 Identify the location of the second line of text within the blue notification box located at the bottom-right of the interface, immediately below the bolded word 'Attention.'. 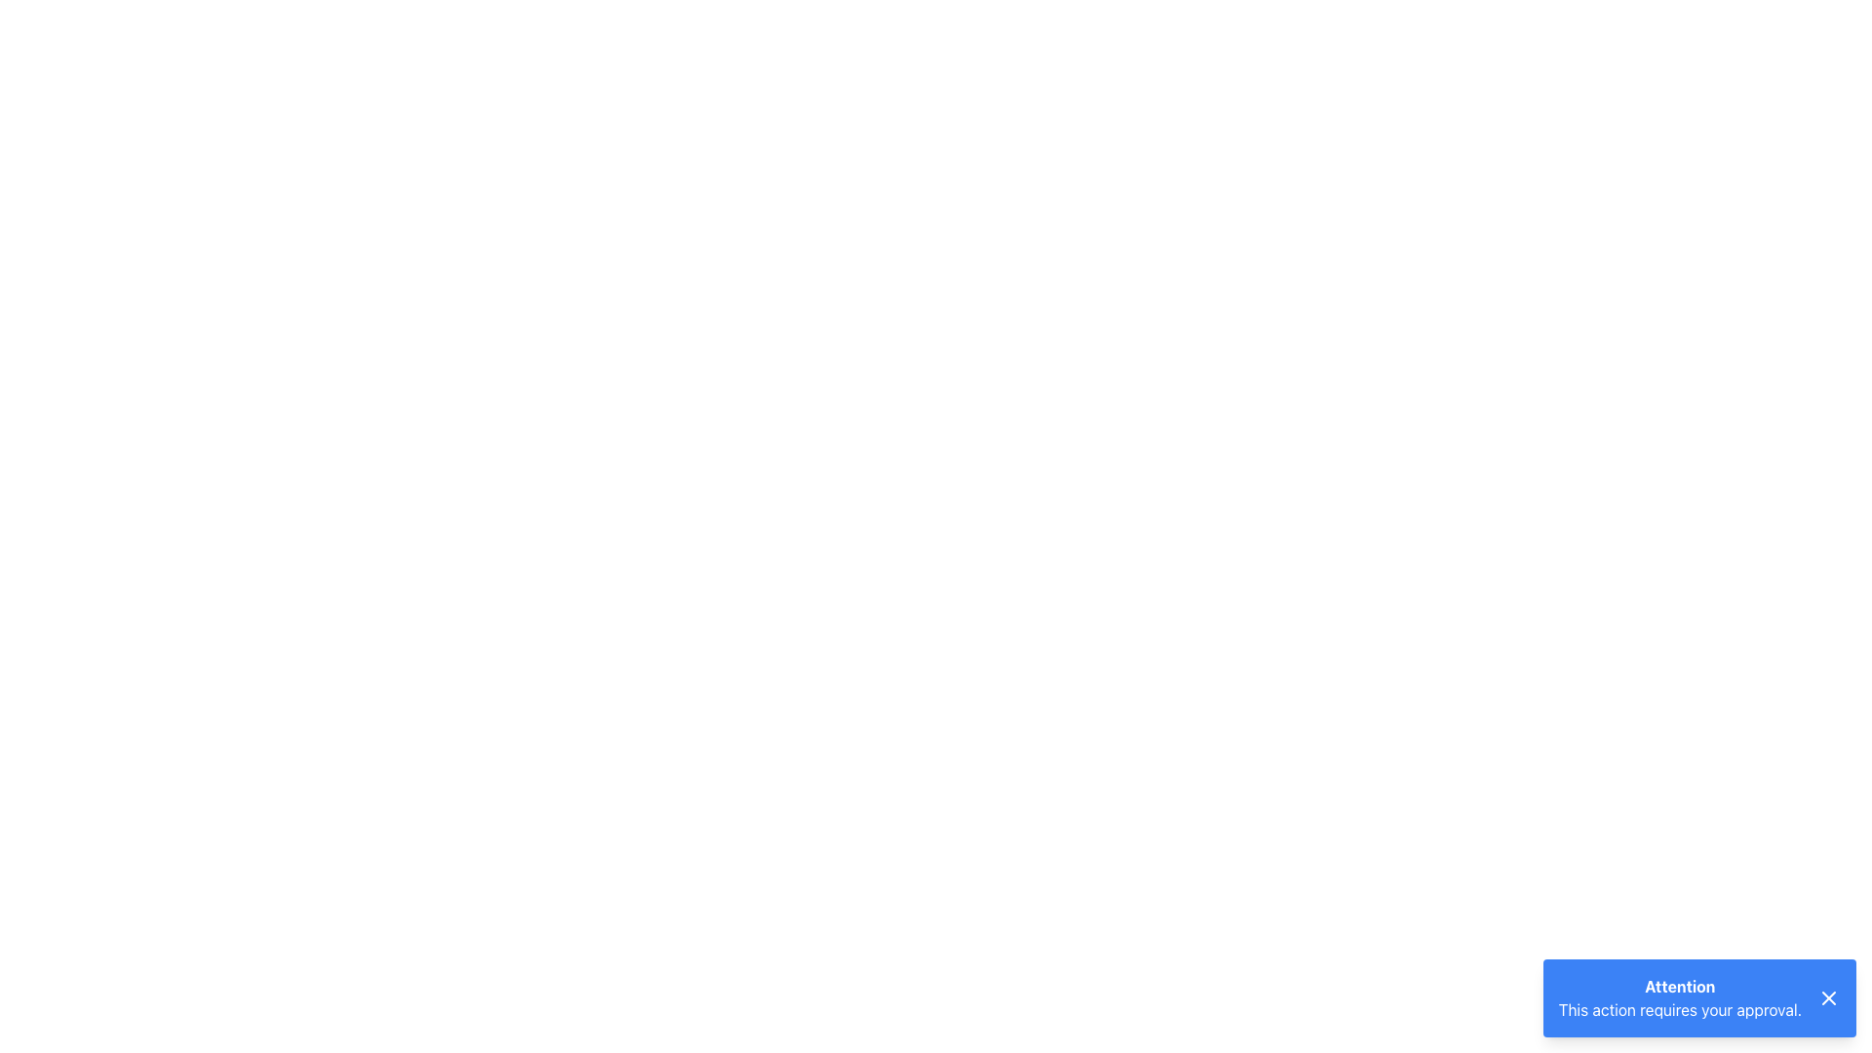
(1679, 1009).